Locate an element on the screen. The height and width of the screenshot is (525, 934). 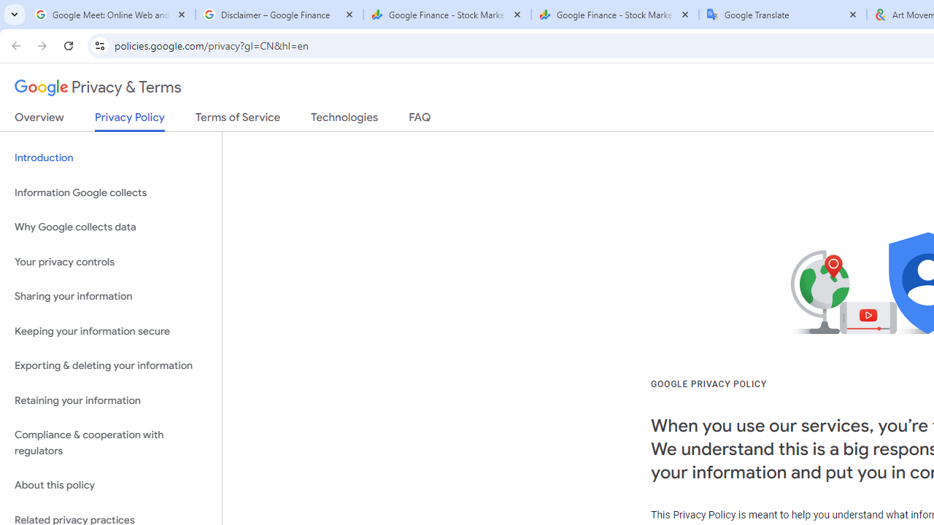
'Google Translate' is located at coordinates (781, 15).